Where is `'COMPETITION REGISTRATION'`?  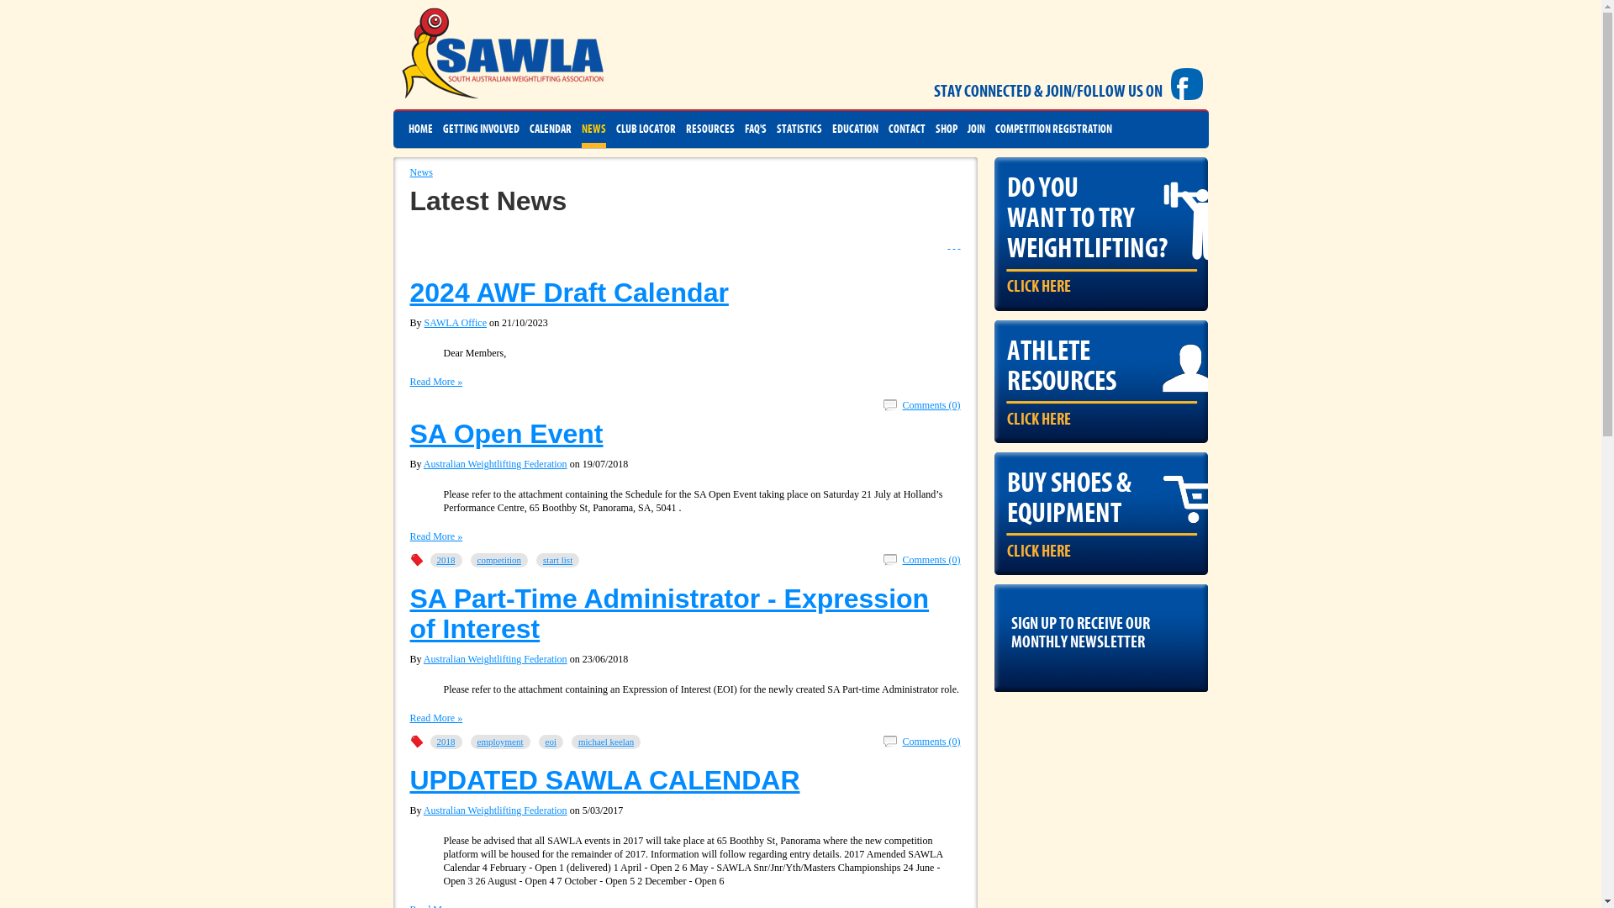 'COMPETITION REGISTRATION' is located at coordinates (1052, 129).